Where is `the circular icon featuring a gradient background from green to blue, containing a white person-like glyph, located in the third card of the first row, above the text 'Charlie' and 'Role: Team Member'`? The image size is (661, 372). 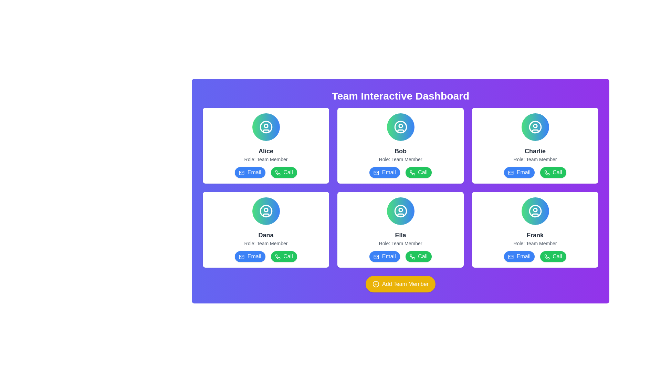
the circular icon featuring a gradient background from green to blue, containing a white person-like glyph, located in the third card of the first row, above the text 'Charlie' and 'Role: Team Member' is located at coordinates (535, 127).